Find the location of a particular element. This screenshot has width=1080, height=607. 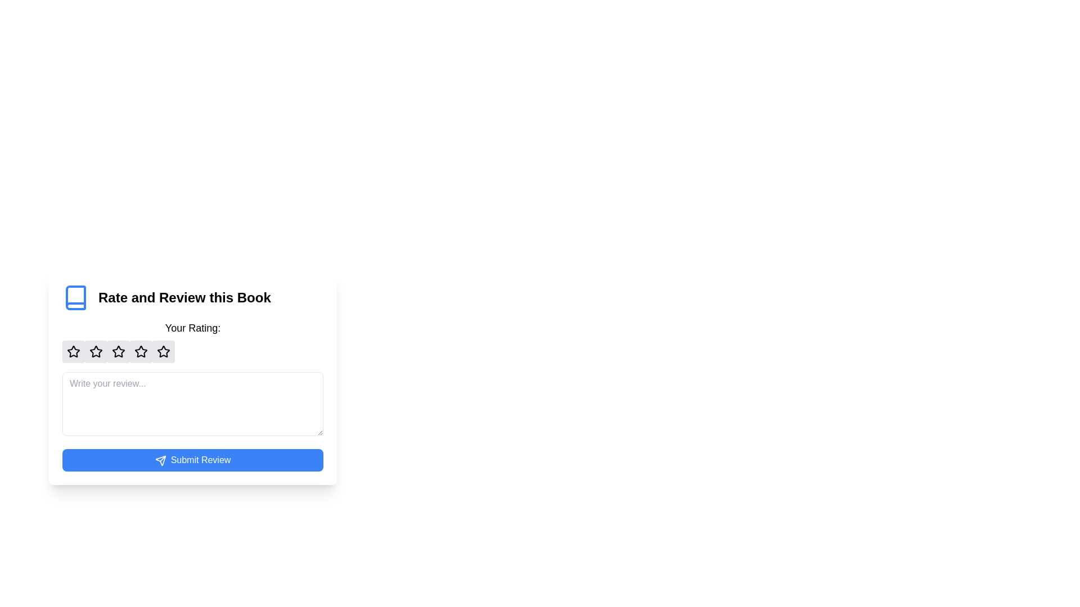

the first star icon in the five-star rating system under the label 'Your Rating' to highlight it is located at coordinates (96, 351).